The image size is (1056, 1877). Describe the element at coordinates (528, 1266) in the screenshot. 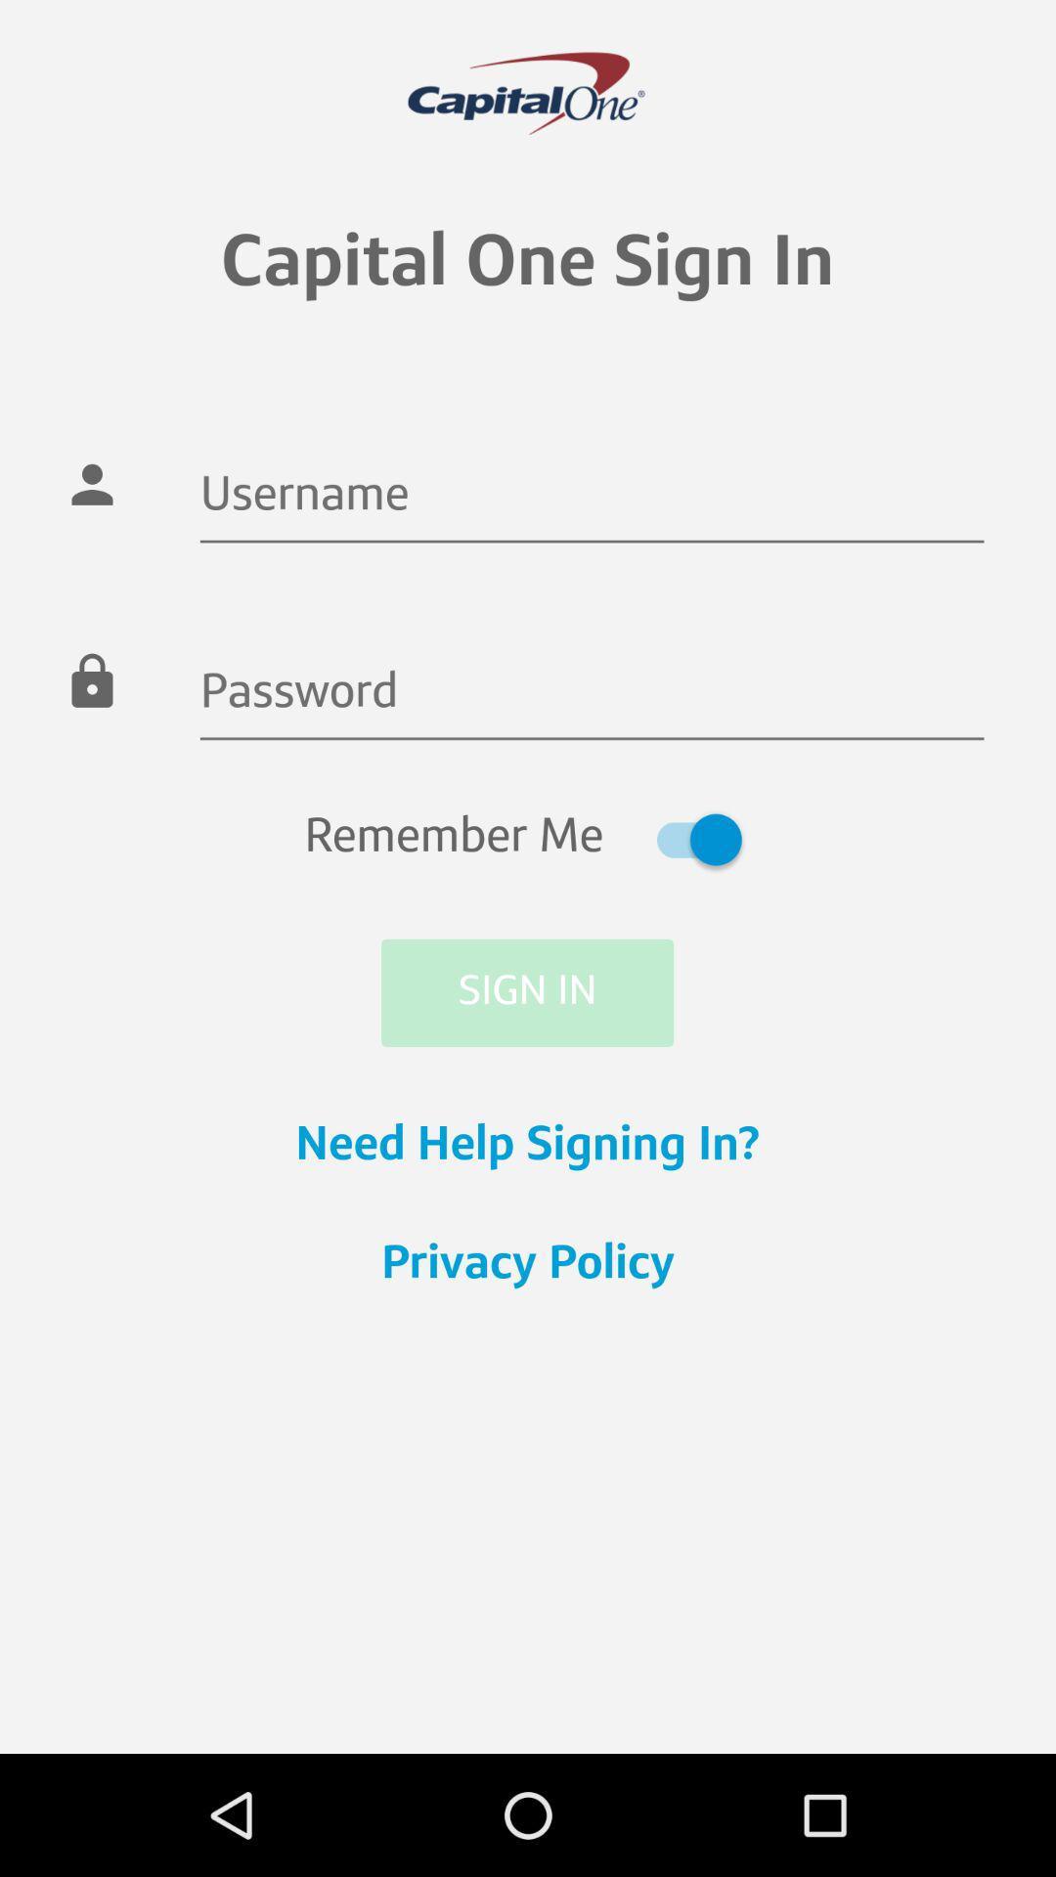

I see `item below the need help signing` at that location.